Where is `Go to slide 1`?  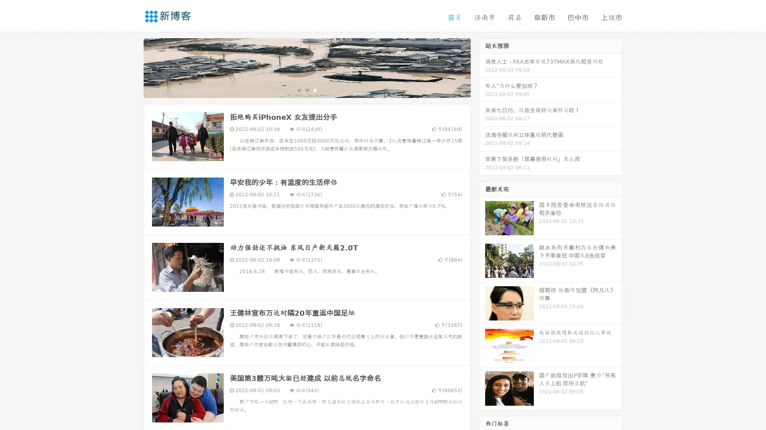
Go to slide 1 is located at coordinates (298, 90).